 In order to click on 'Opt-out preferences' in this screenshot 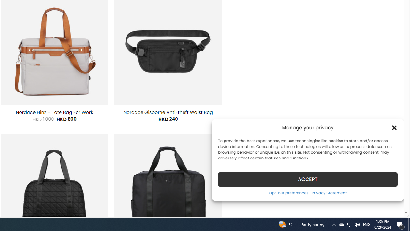, I will do `click(288, 193)`.